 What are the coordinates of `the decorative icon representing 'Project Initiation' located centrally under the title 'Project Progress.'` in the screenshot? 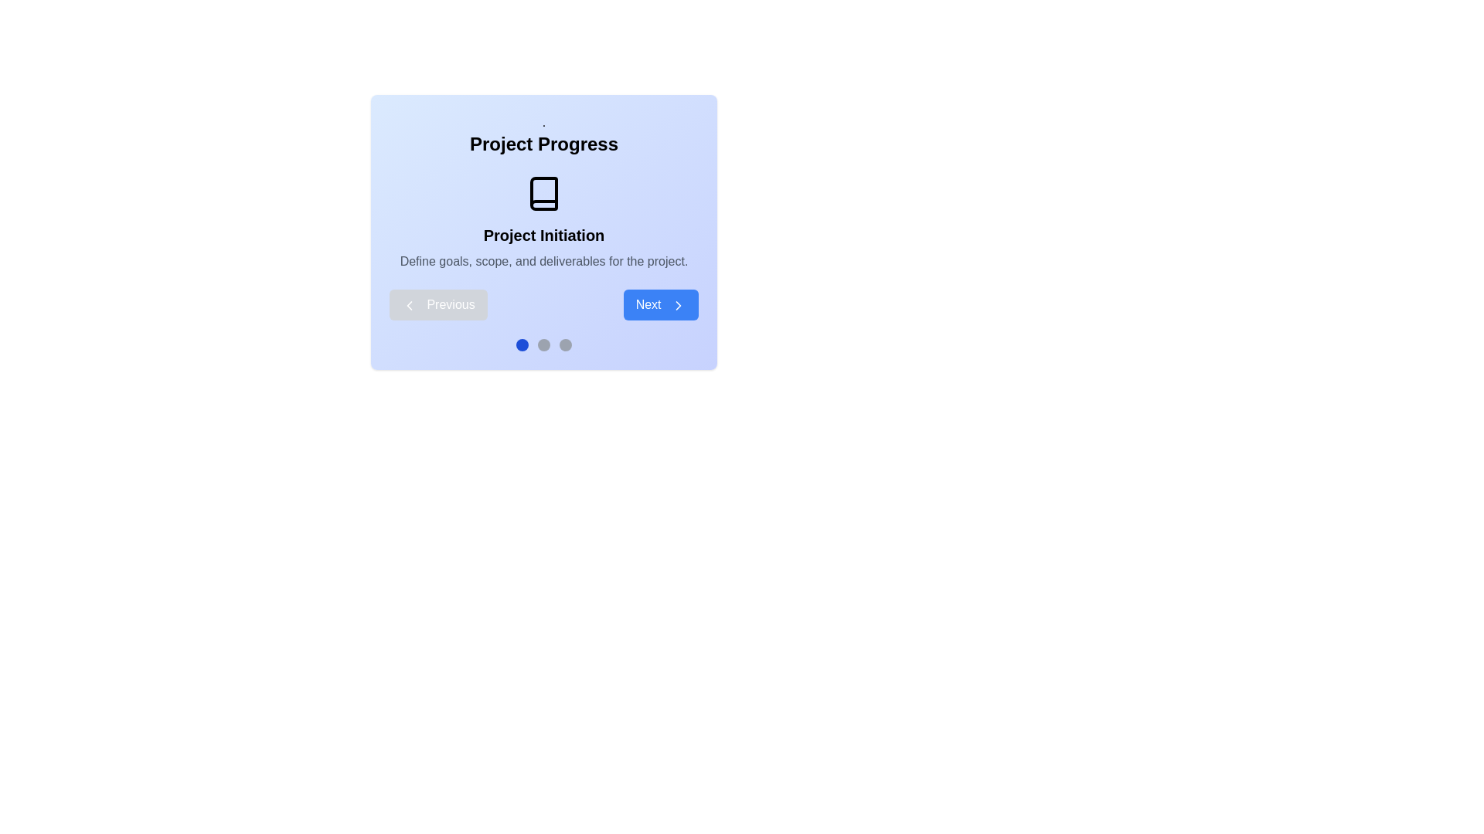 It's located at (544, 192).